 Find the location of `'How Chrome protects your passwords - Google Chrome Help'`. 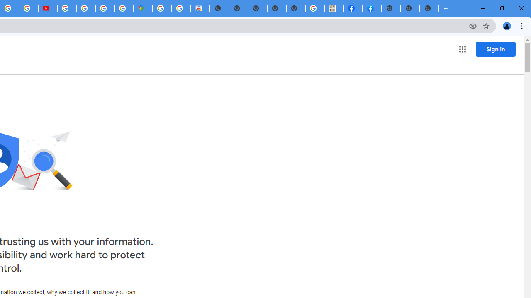

'How Chrome protects your passwords - Google Chrome Help' is located at coordinates (67, 8).